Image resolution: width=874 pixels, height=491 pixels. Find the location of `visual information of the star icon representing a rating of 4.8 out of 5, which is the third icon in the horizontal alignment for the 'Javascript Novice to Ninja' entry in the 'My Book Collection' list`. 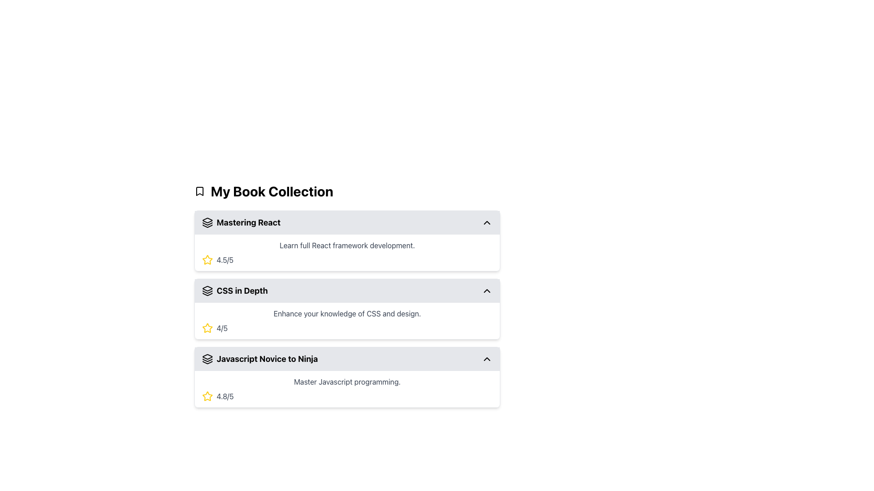

visual information of the star icon representing a rating of 4.8 out of 5, which is the third icon in the horizontal alignment for the 'Javascript Novice to Ninja' entry in the 'My Book Collection' list is located at coordinates (207, 396).